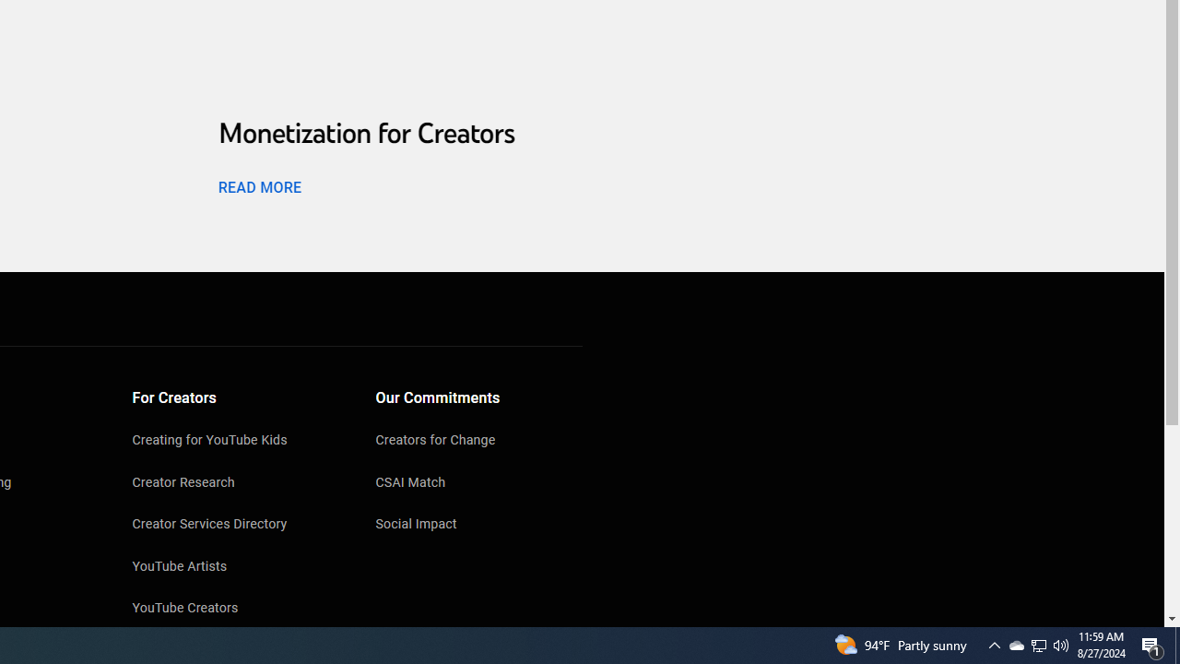  I want to click on 'CSAI Match', so click(478, 482).